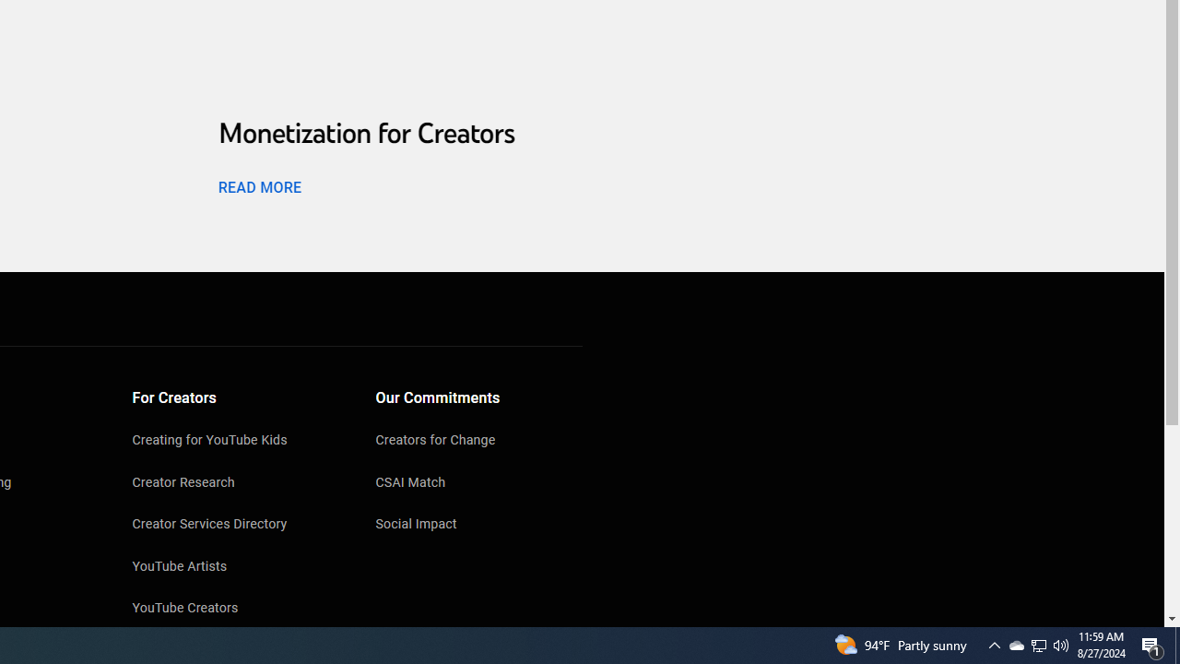  I want to click on 'CSAI Match', so click(478, 482).